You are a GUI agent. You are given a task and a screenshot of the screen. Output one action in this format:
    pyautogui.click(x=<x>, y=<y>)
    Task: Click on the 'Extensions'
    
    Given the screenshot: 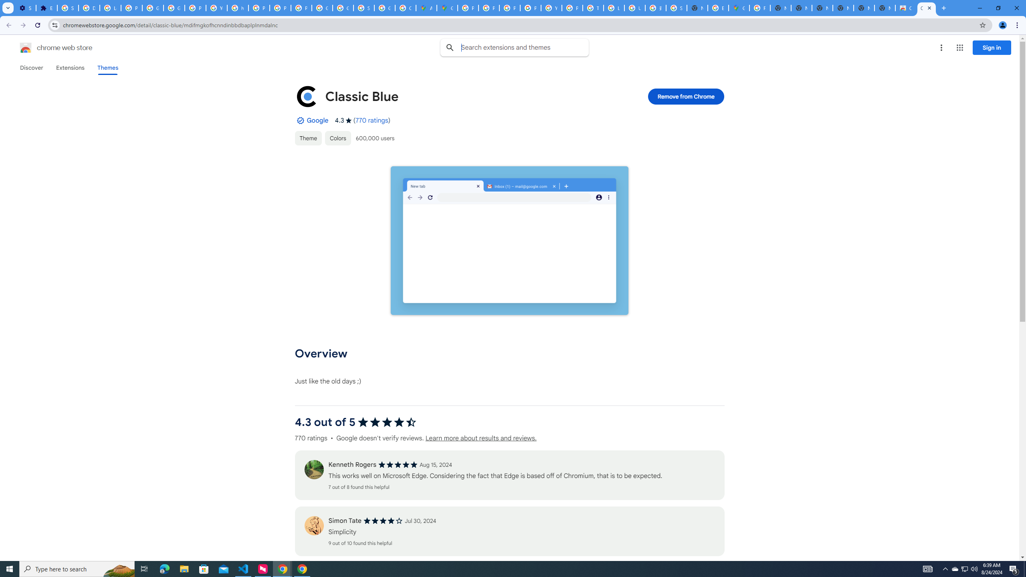 What is the action you would take?
    pyautogui.click(x=70, y=67)
    